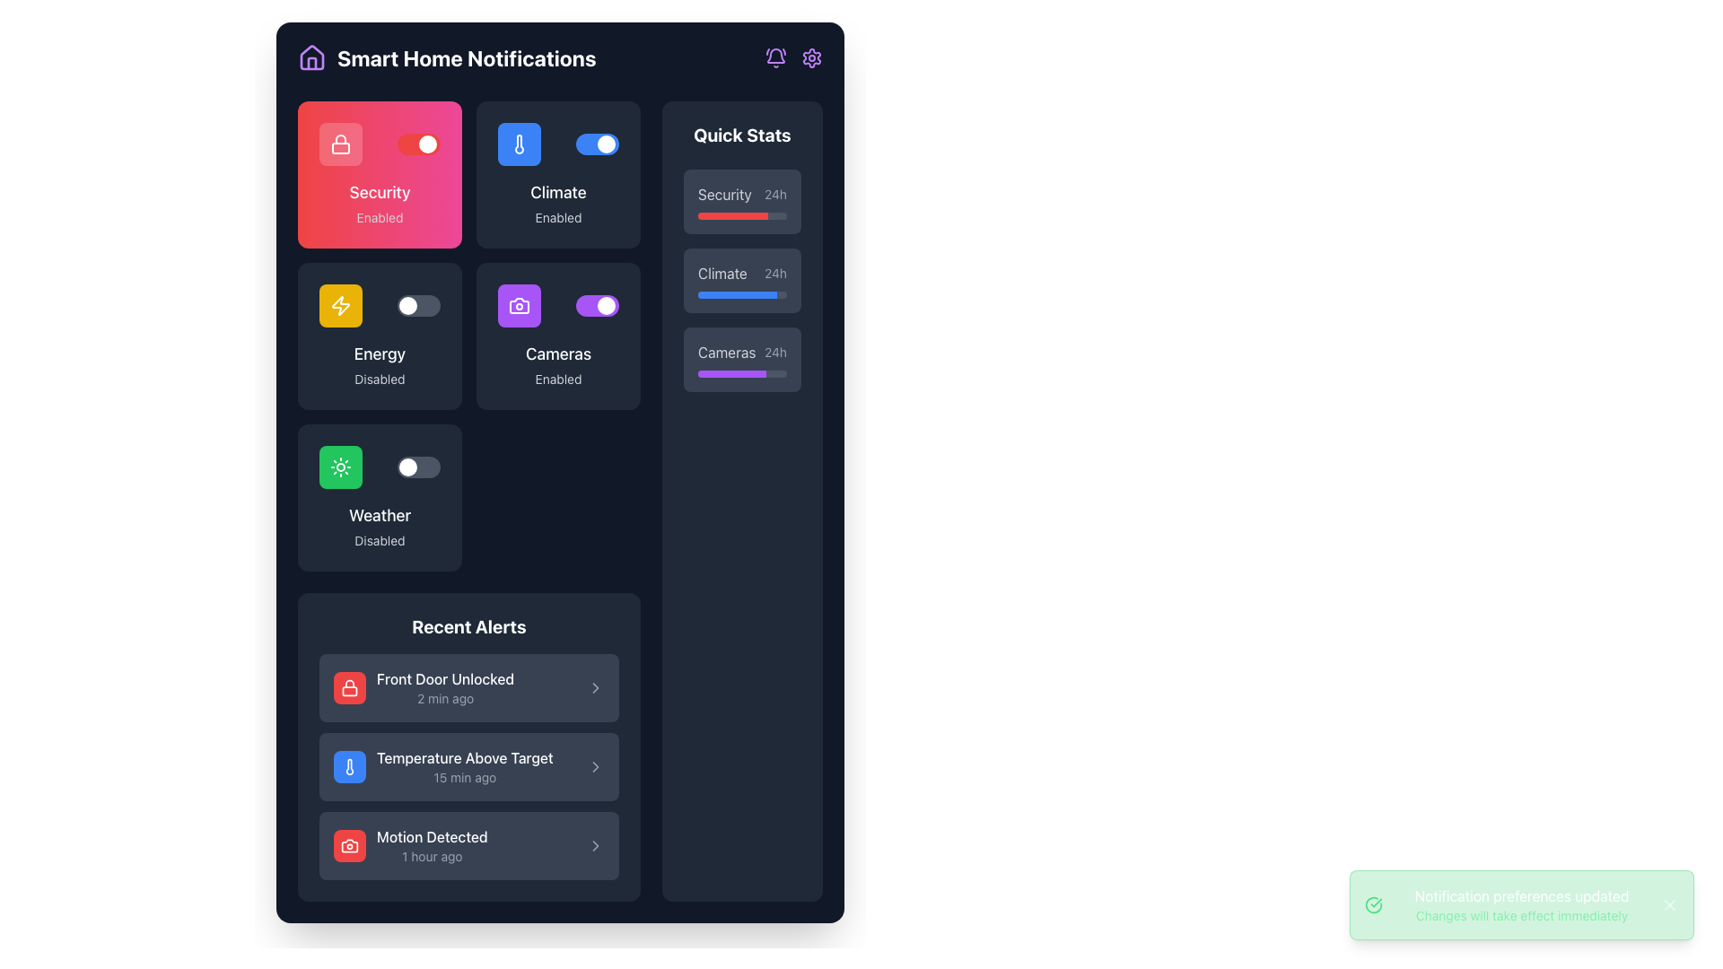 This screenshot has width=1723, height=969. Describe the element at coordinates (443, 767) in the screenshot. I see `the notification alert indicating a temperature value exceeding a defined target` at that location.